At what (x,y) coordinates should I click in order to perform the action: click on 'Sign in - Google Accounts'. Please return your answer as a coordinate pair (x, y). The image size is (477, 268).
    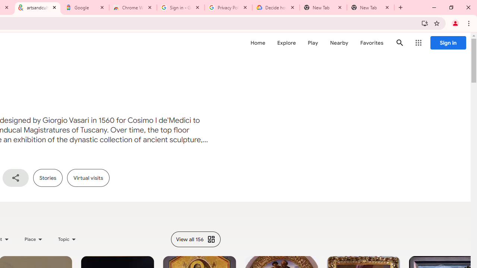
    Looking at the image, I should click on (181, 7).